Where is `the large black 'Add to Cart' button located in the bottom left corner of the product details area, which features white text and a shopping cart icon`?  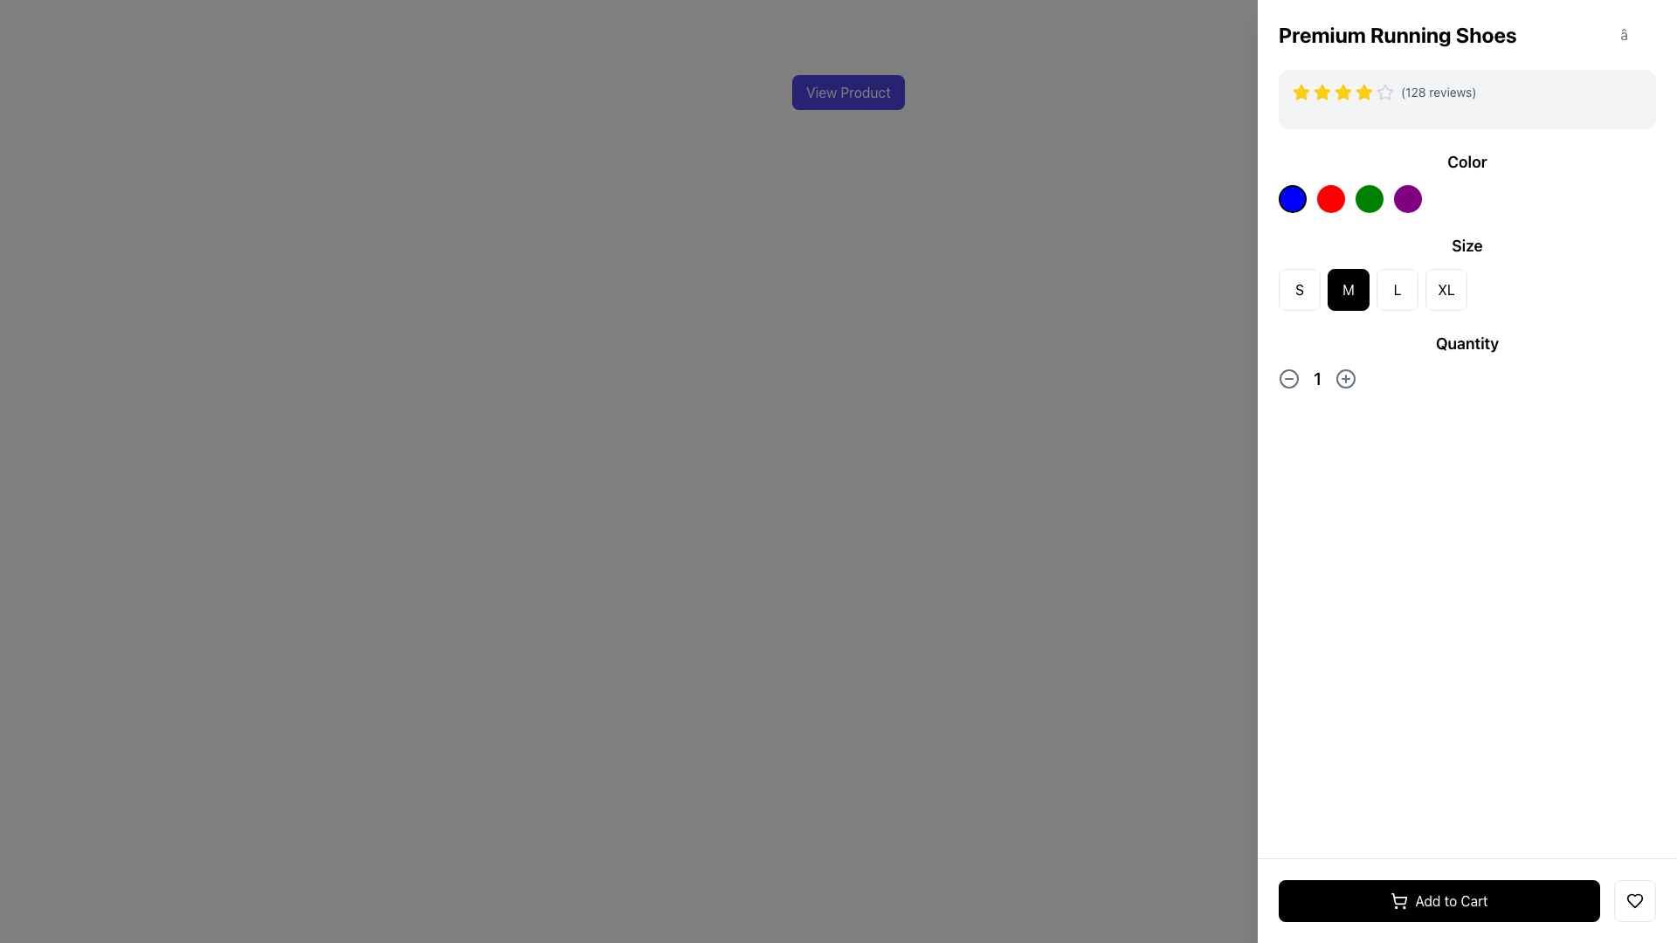 the large black 'Add to Cart' button located in the bottom left corner of the product details area, which features white text and a shopping cart icon is located at coordinates (1467, 901).